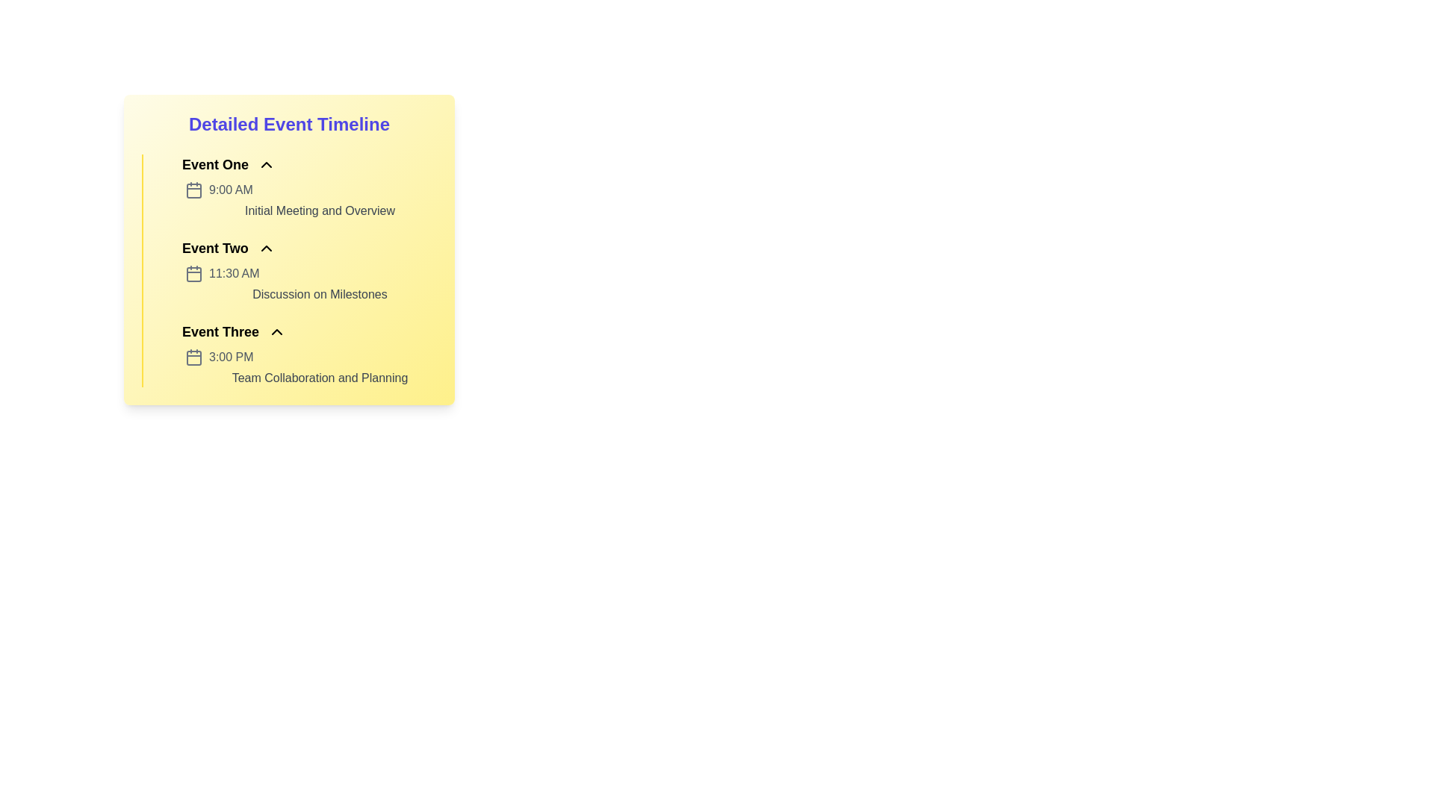  What do you see at coordinates (310, 200) in the screenshot?
I see `displayed text of the scheduled event labeled 'Initial Meeting and Overview' at '9:00 AM' within the timeline interface under 'Event One'` at bounding box center [310, 200].